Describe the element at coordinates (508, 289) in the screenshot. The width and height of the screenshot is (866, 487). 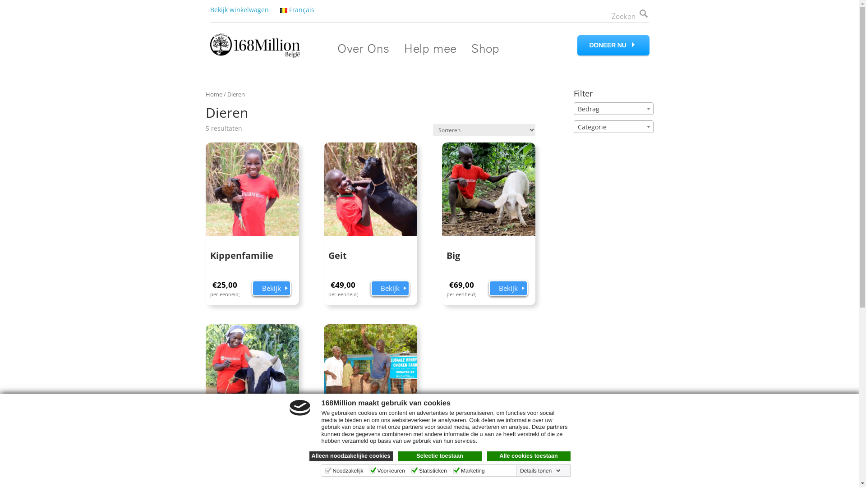
I see `'Bekijk'` at that location.